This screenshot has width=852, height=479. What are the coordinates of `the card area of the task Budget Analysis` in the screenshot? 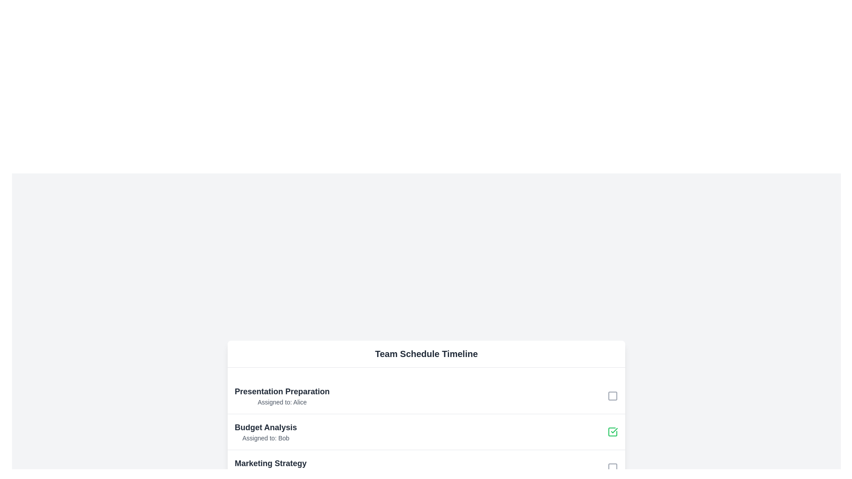 It's located at (265, 431).